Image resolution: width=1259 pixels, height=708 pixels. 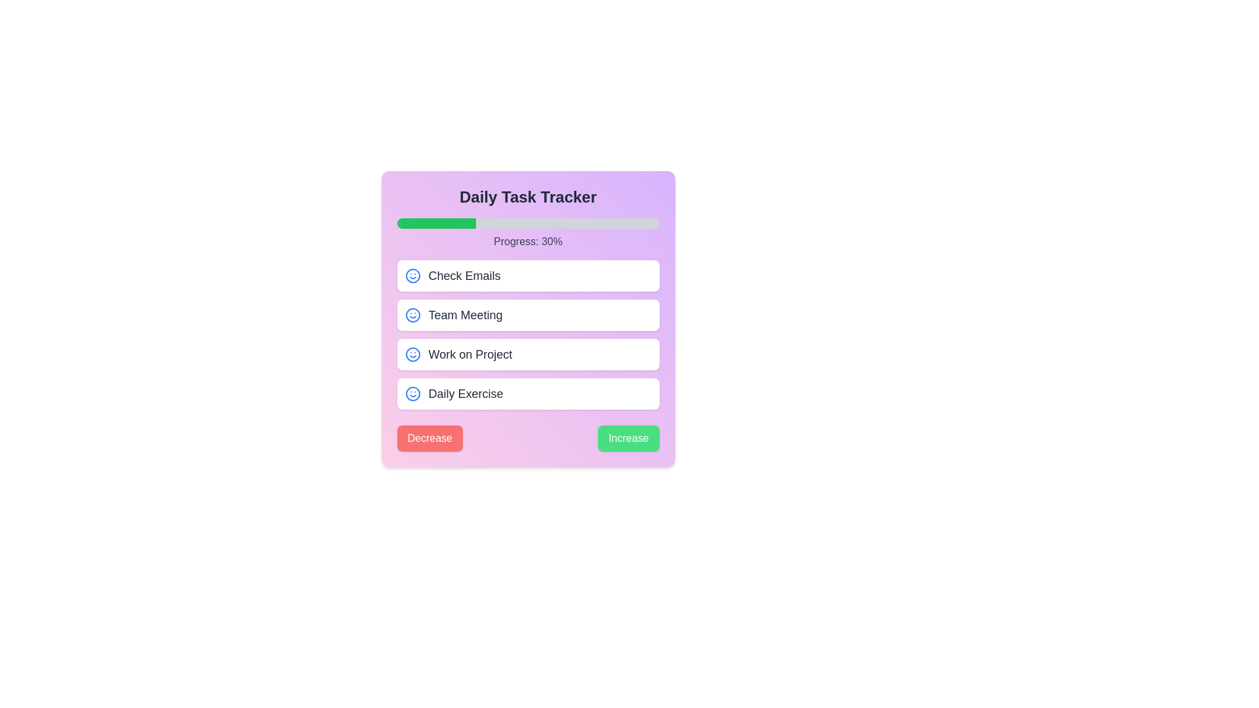 What do you see at coordinates (528, 334) in the screenshot?
I see `task names from the primary task list group located within the 'Daily Task Tracker' card, positioned between the progress bar and the action buttons labeled 'Decrease' and 'Increase'` at bounding box center [528, 334].